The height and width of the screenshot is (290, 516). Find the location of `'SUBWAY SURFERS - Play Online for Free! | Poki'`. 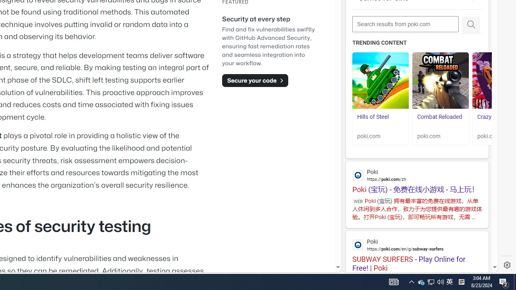

'SUBWAY SURFERS - Play Online for Free! | Poki' is located at coordinates (417, 251).